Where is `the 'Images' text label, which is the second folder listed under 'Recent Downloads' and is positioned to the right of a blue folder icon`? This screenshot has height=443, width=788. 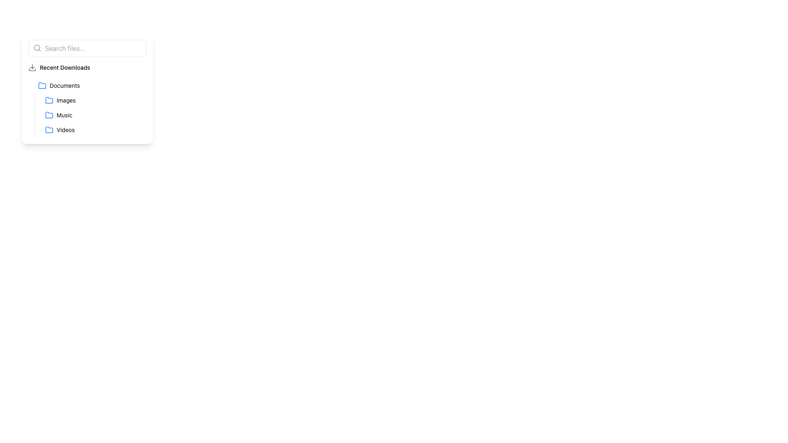
the 'Images' text label, which is the second folder listed under 'Recent Downloads' and is positioned to the right of a blue folder icon is located at coordinates (66, 100).